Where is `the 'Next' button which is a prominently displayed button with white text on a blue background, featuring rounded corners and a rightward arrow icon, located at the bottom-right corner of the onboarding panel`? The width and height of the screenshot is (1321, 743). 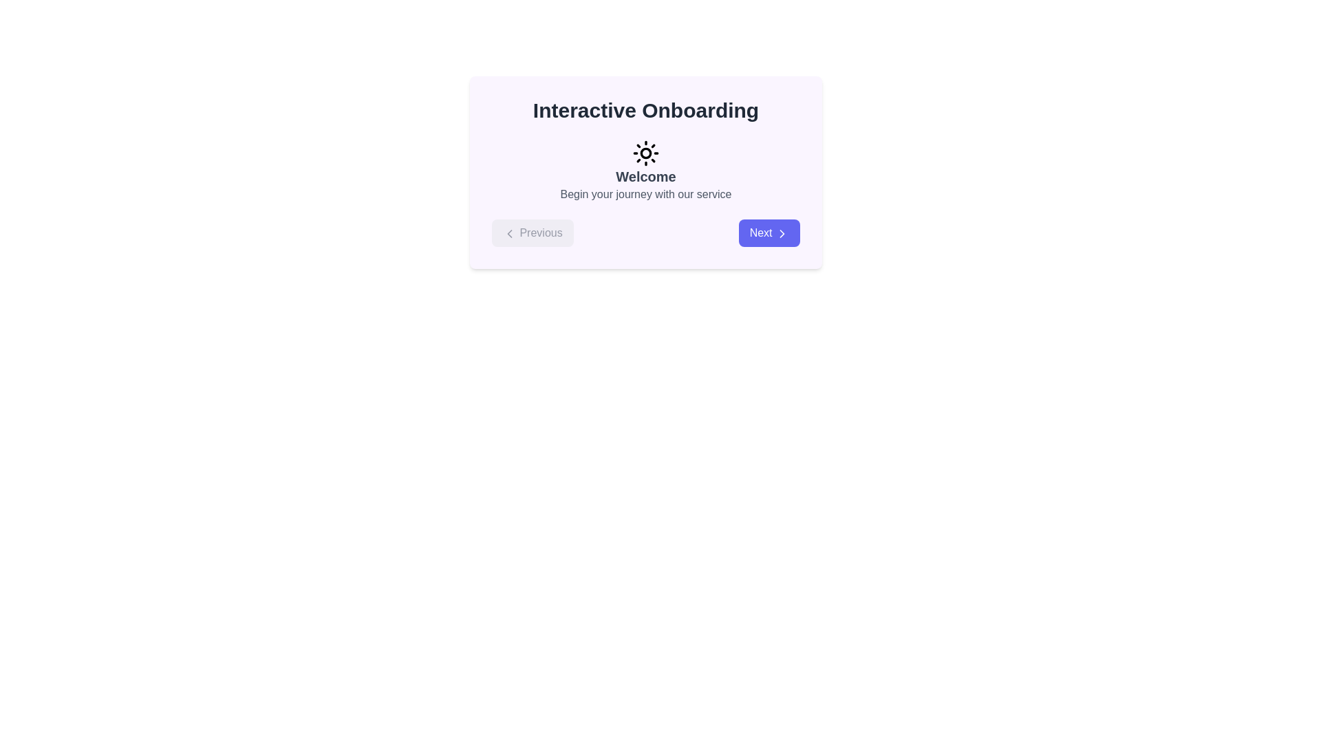 the 'Next' button which is a prominently displayed button with white text on a blue background, featuring rounded corners and a rightward arrow icon, located at the bottom-right corner of the onboarding panel is located at coordinates (769, 233).